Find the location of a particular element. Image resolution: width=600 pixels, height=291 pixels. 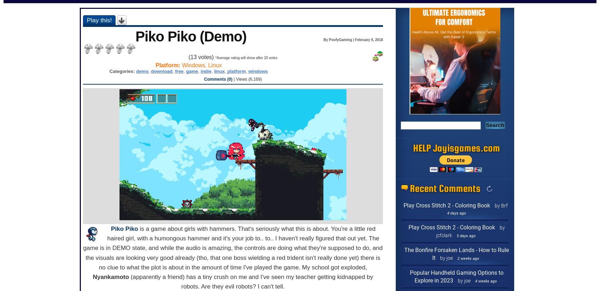

'(apparently a friend) has a tiny crush on me and I've seen my teacher getting kidnapped by robots. Are they evil robots? I can't tell.' is located at coordinates (250, 282).